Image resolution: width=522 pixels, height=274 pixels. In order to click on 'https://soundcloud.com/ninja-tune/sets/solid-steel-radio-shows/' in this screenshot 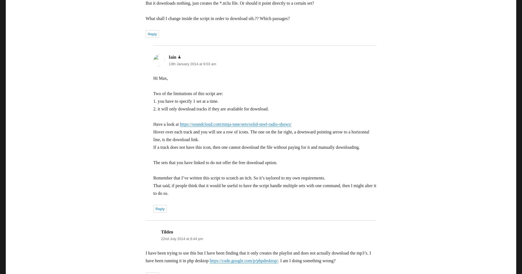, I will do `click(235, 124)`.